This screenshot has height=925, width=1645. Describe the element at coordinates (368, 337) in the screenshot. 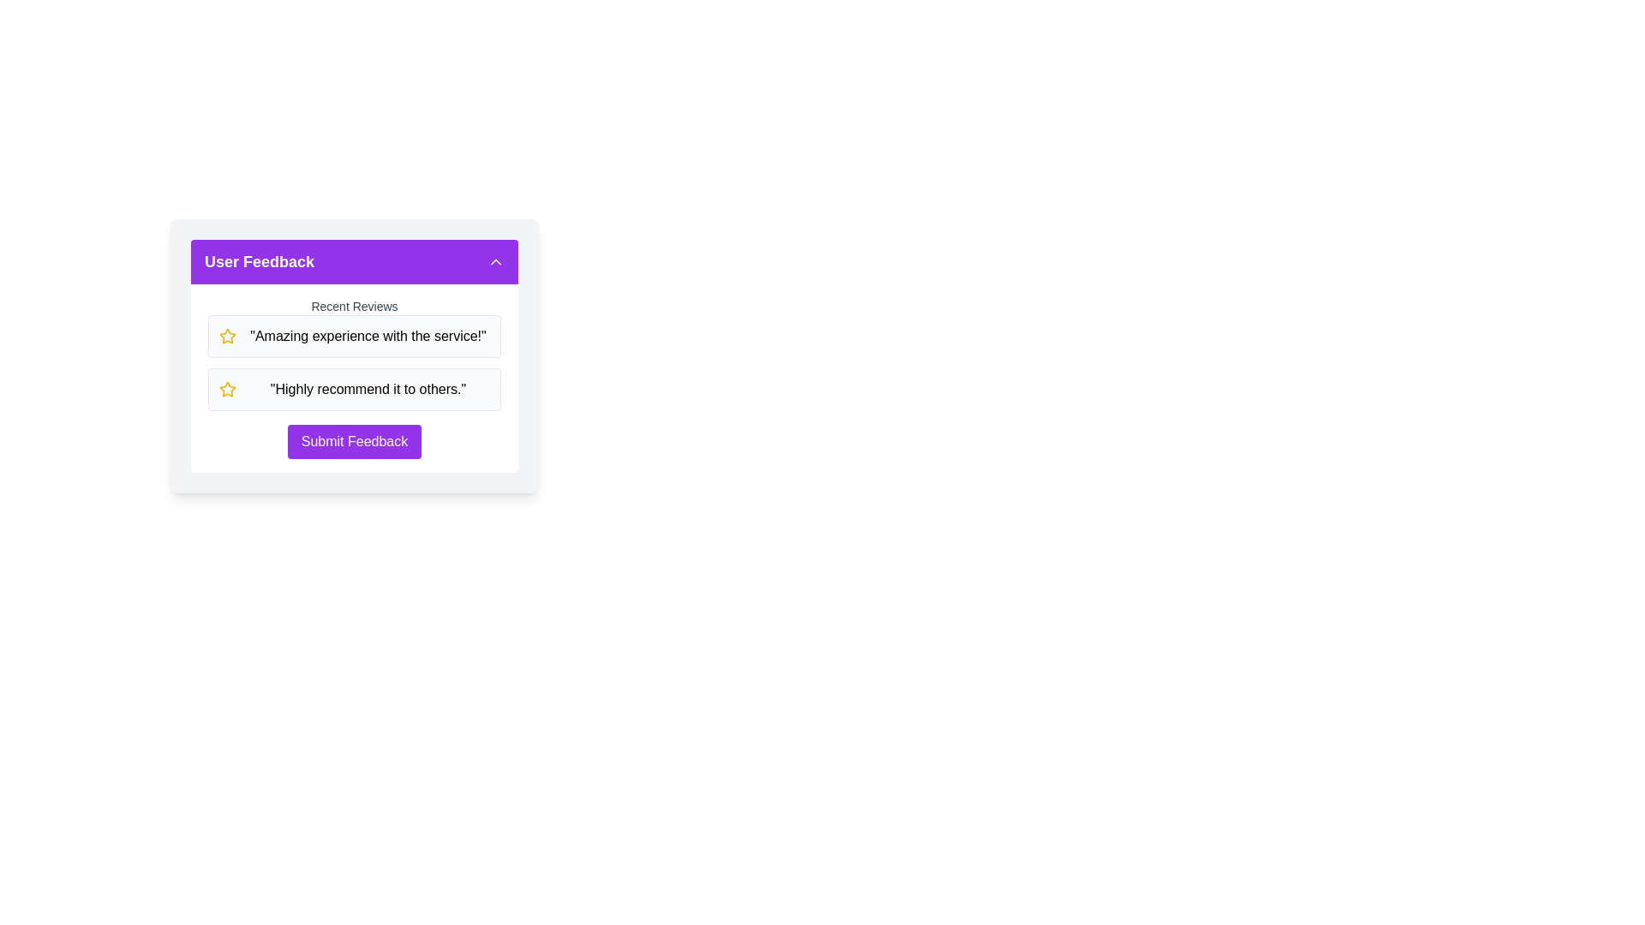

I see `the first customer review displayed in the feedback card under the header 'Recent Reviews'` at that location.